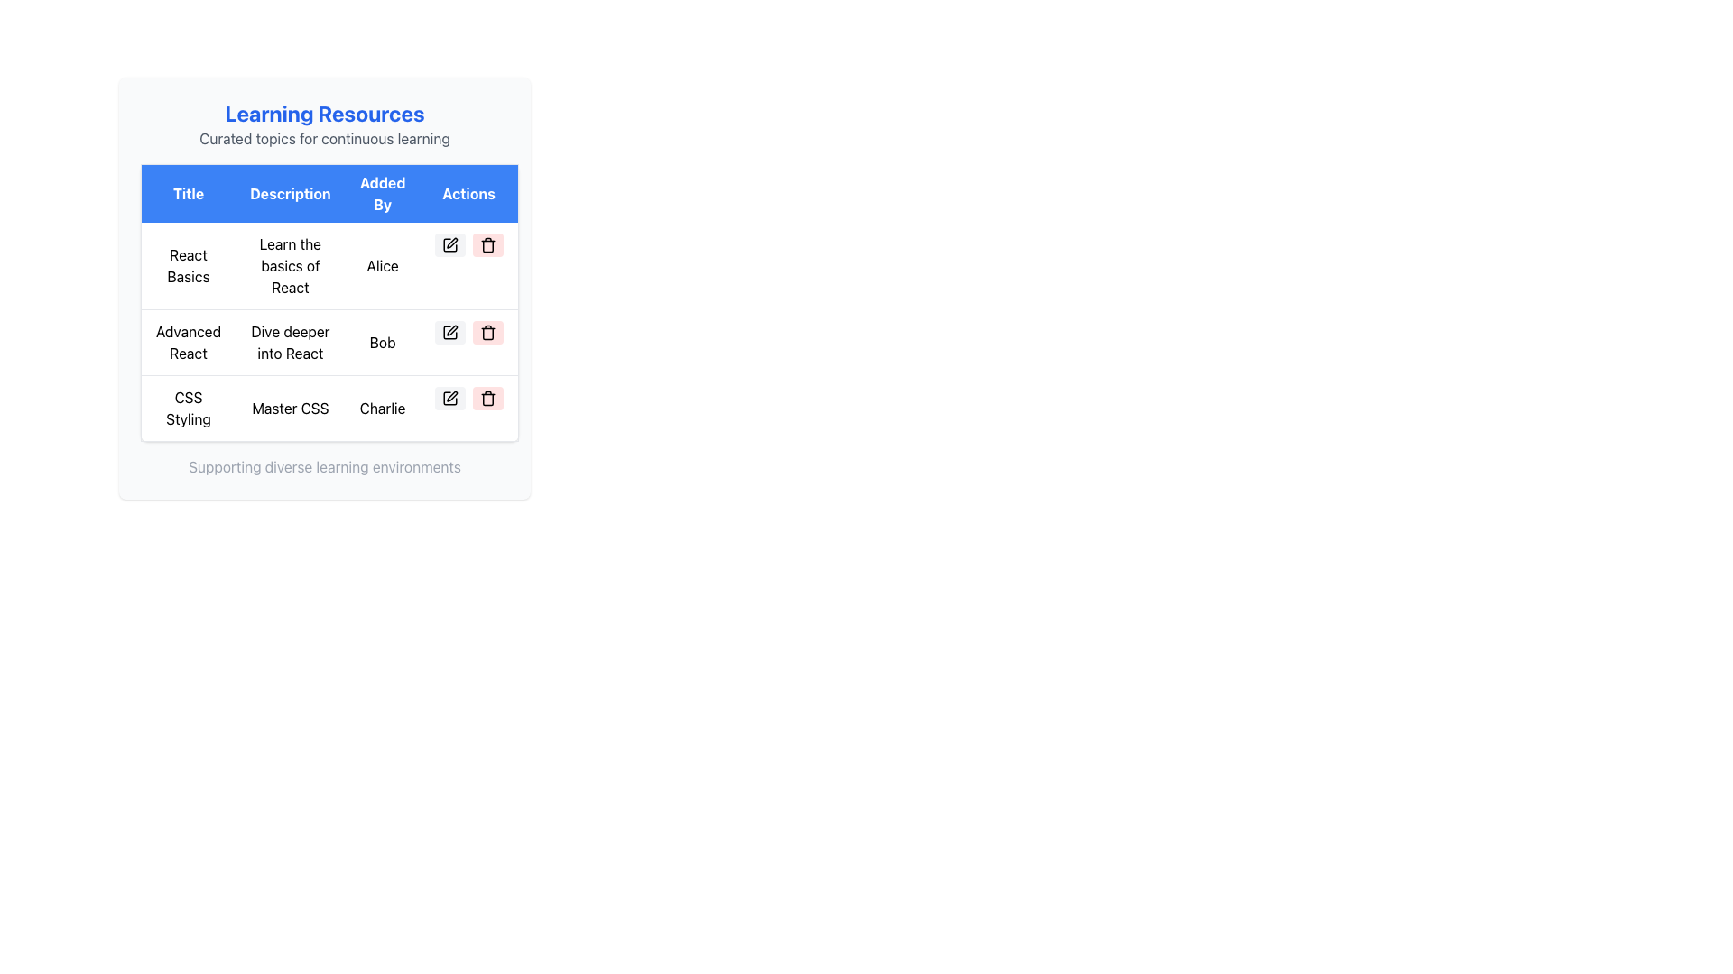 The height and width of the screenshot is (974, 1733). I want to click on the delete button located at the far right of the 'Advanced React' row in the 'Learning Resources' table, so click(487, 398).